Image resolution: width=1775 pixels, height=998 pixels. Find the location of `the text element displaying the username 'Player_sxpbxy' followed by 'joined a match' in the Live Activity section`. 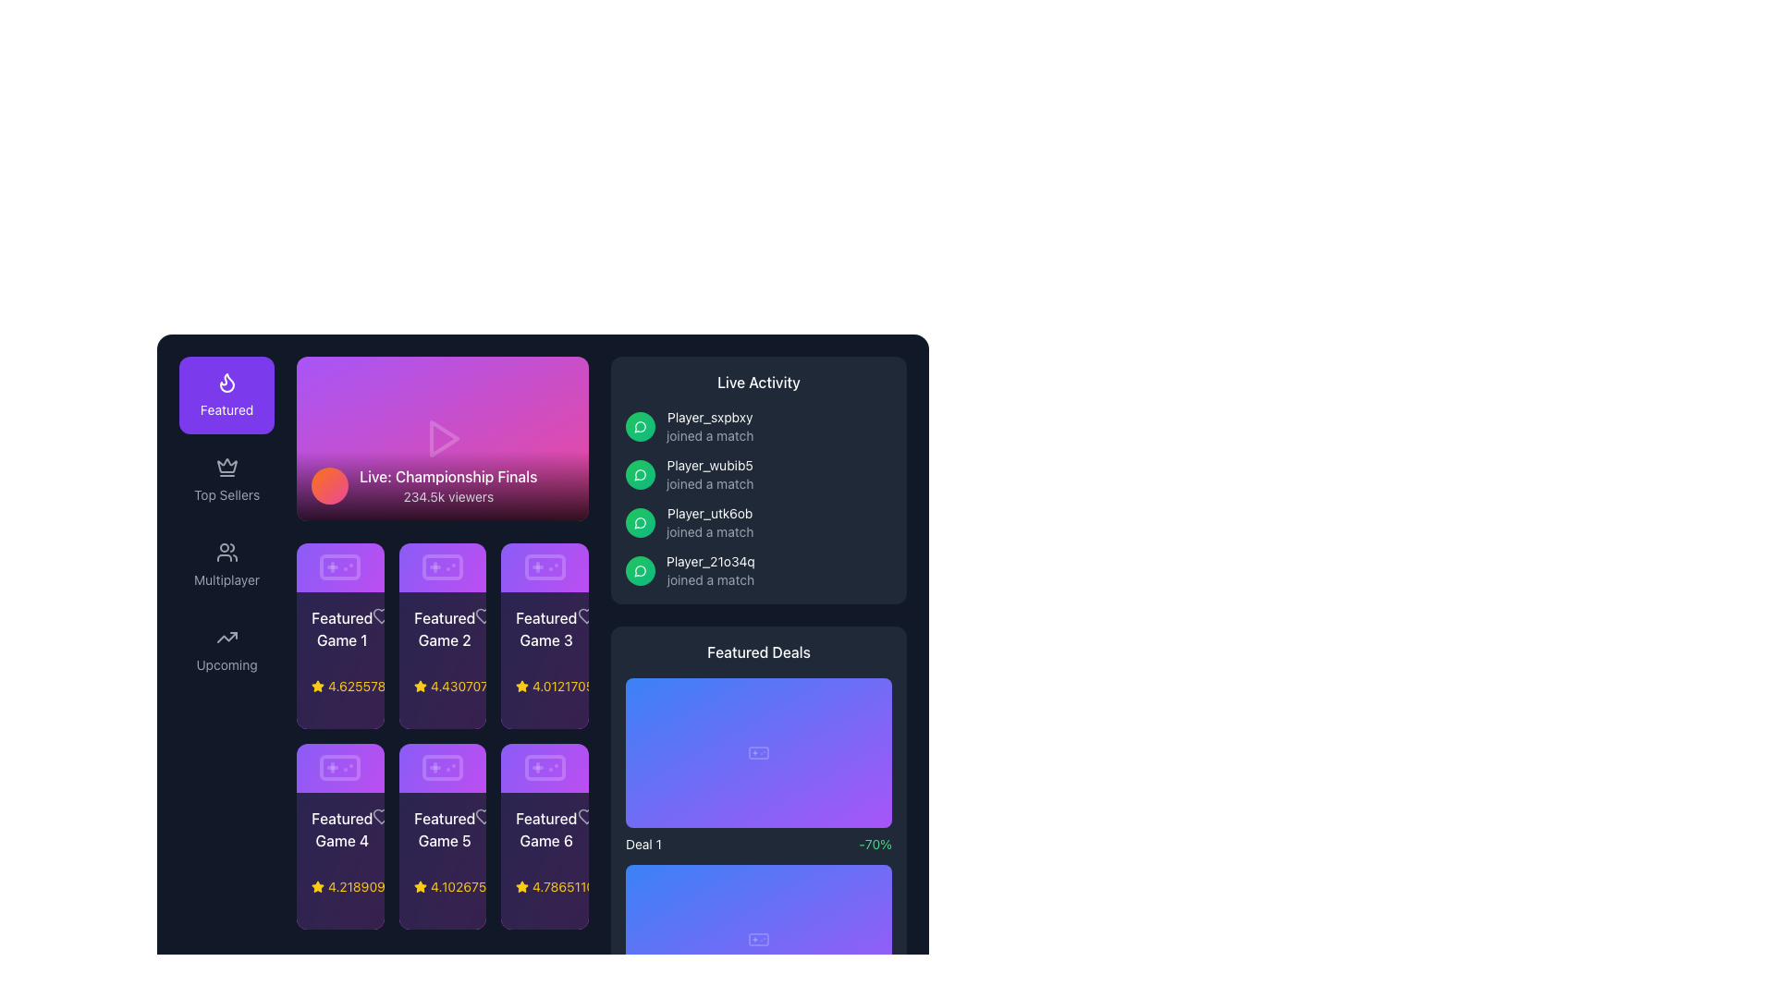

the text element displaying the username 'Player_sxpbxy' followed by 'joined a match' in the Live Activity section is located at coordinates (709, 427).